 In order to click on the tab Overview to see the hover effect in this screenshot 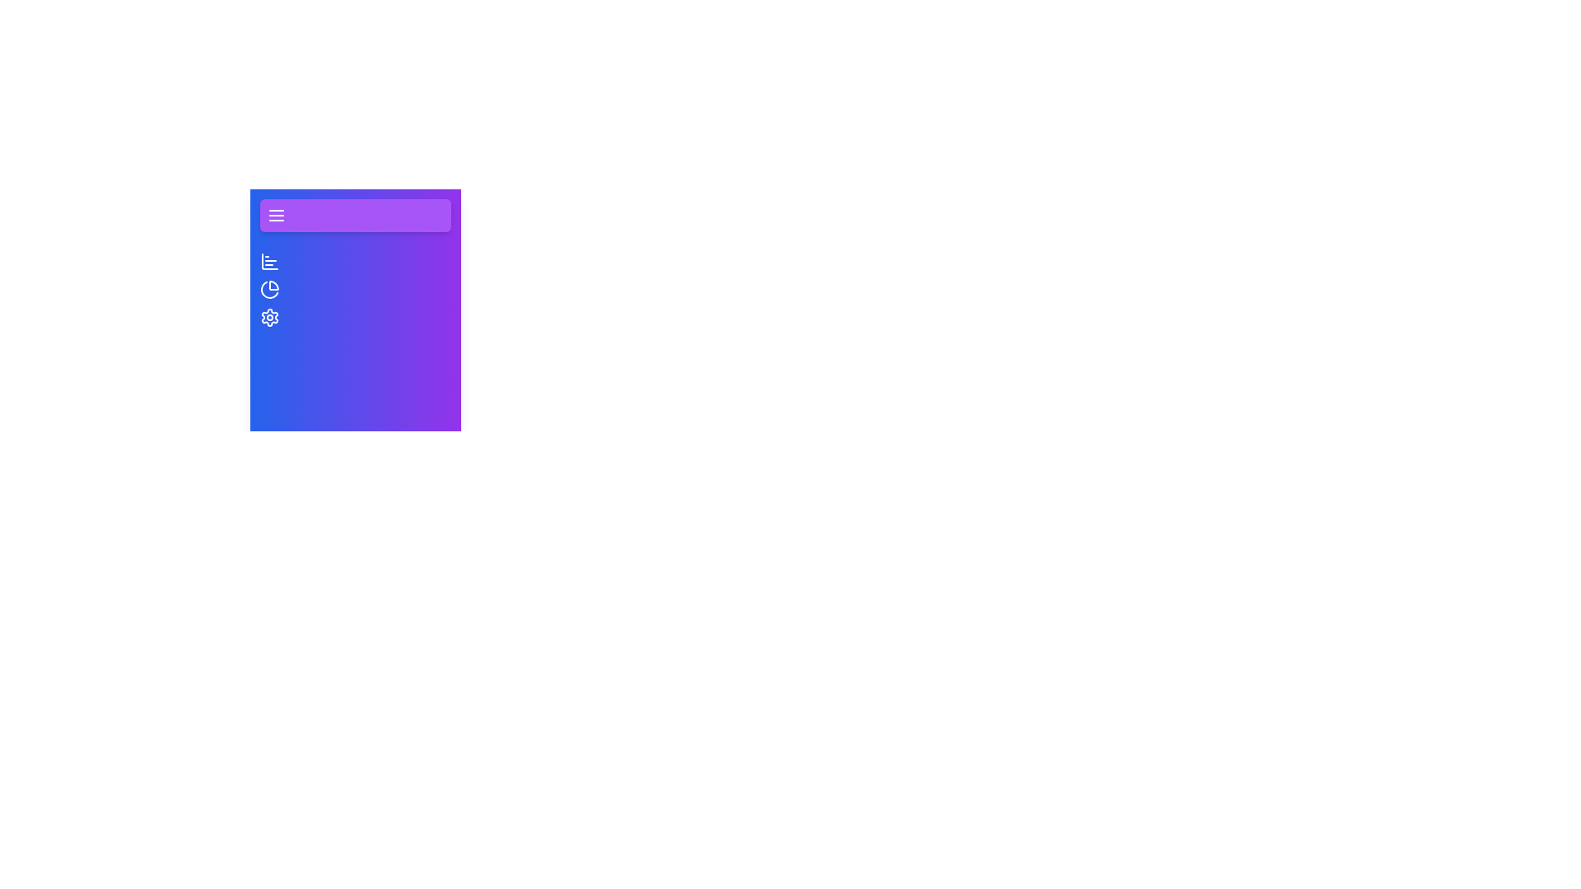, I will do `click(269, 260)`.